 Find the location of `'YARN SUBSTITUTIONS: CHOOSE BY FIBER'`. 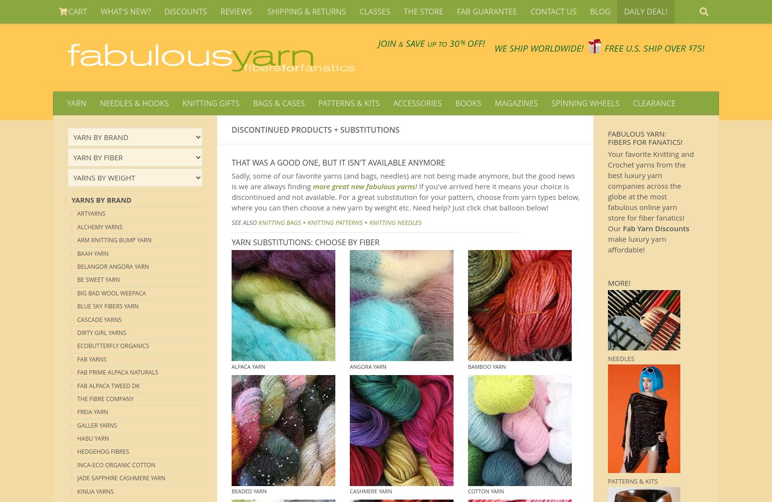

'YARN SUBSTITUTIONS: CHOOSE BY FIBER' is located at coordinates (305, 242).